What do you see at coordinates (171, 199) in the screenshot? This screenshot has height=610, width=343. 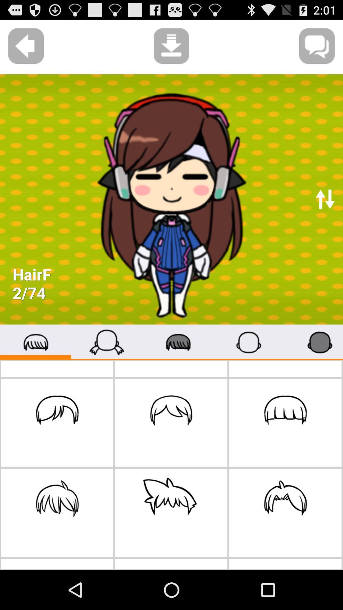 I see `the first image on the web page` at bounding box center [171, 199].